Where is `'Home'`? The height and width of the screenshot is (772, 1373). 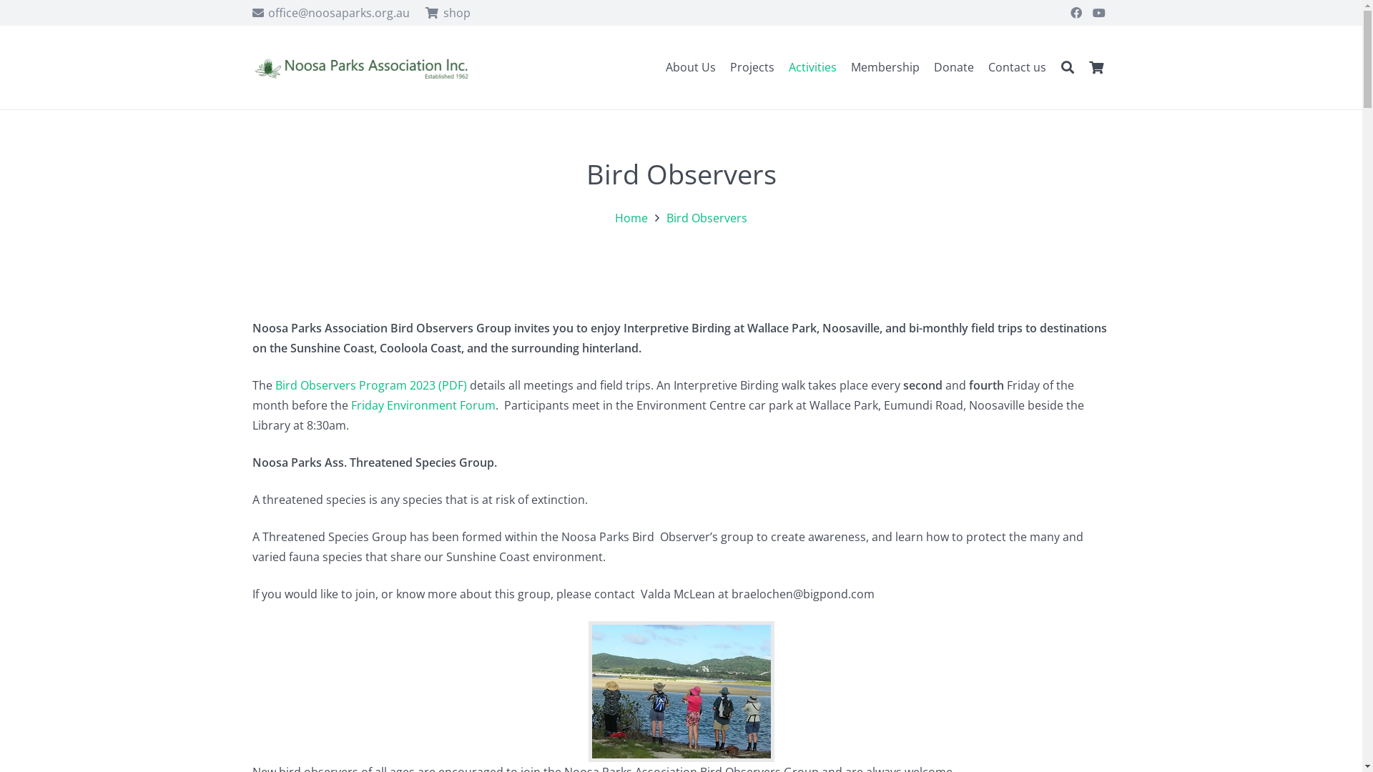
'Home' is located at coordinates (631, 217).